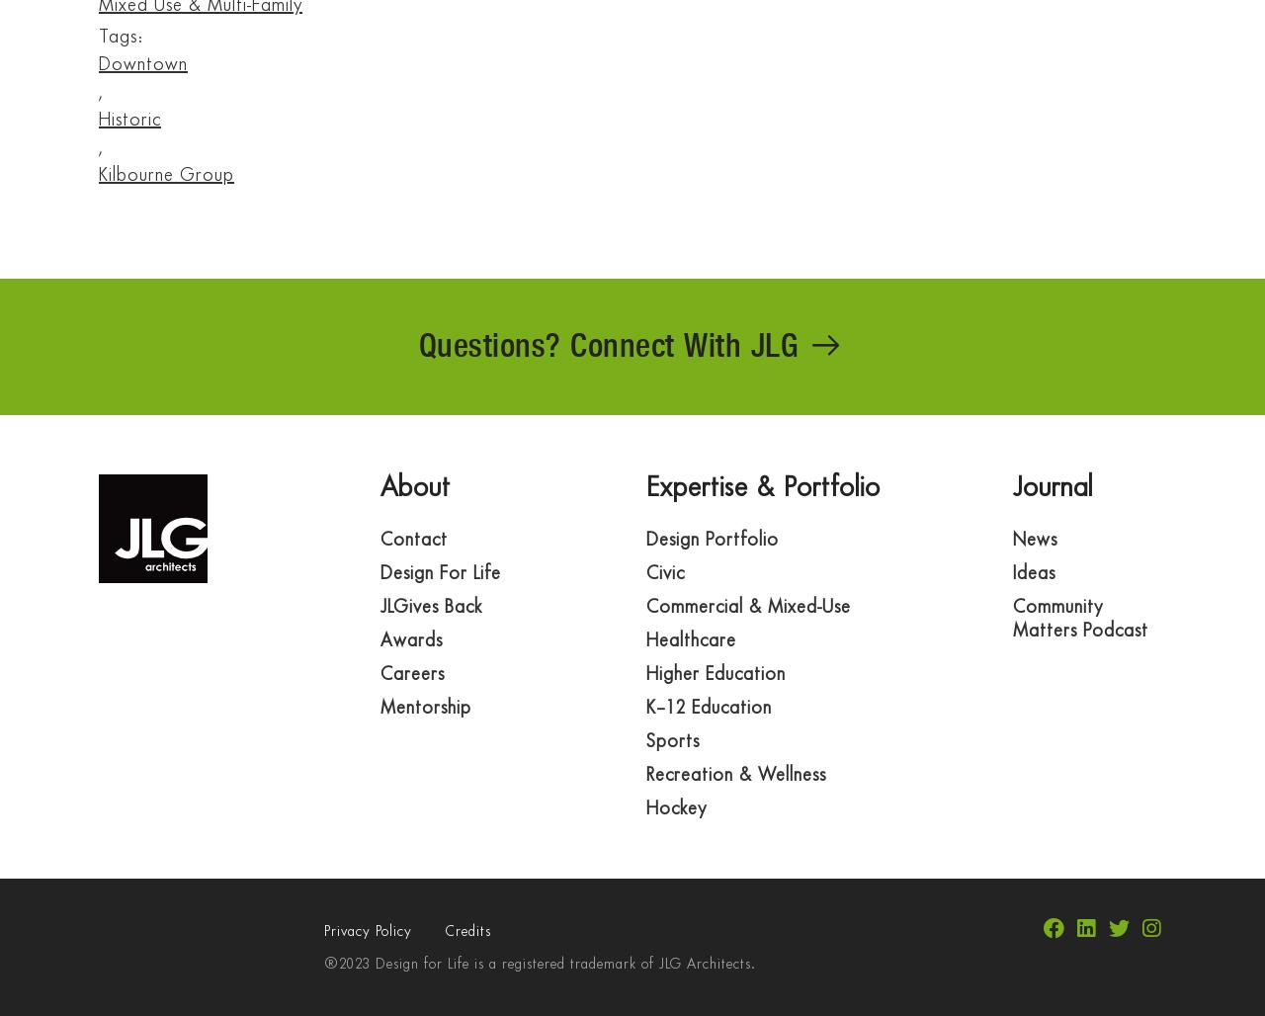 This screenshot has height=1016, width=1265. Describe the element at coordinates (368, 931) in the screenshot. I see `'Privacy Policy'` at that location.